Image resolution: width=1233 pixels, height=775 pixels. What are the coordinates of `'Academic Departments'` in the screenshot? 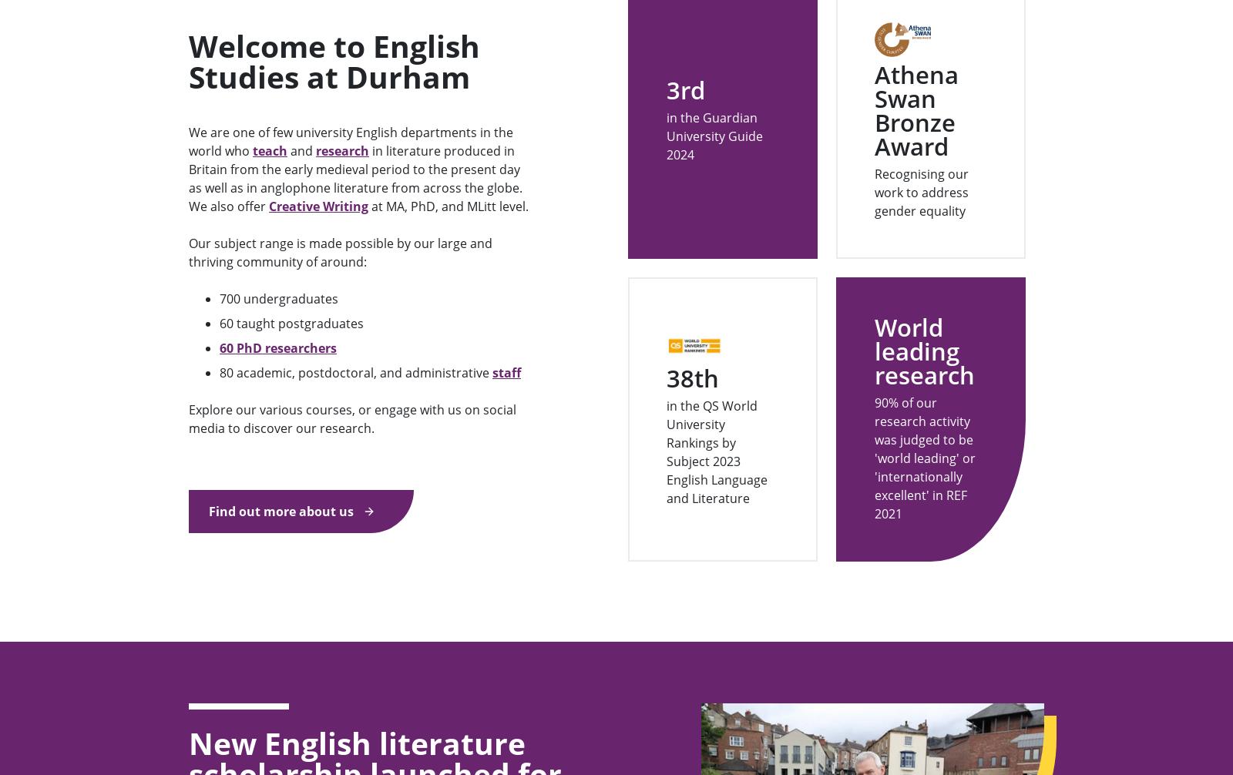 It's located at (253, 759).